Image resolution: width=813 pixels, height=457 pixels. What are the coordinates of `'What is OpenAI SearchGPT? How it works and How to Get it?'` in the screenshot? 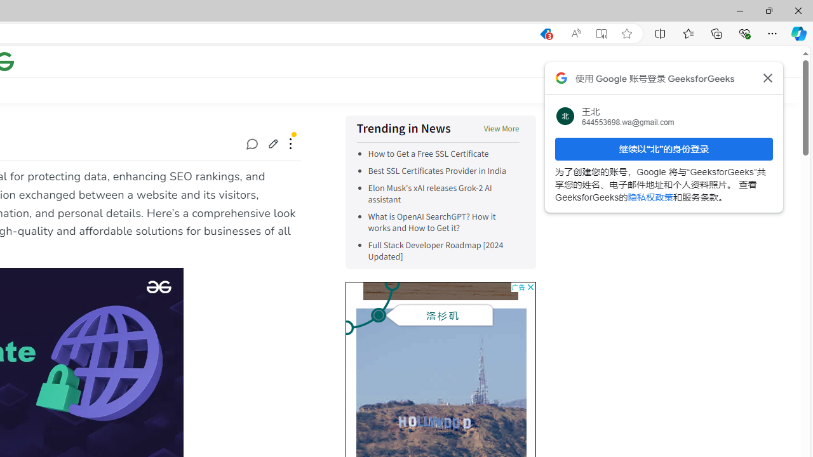 It's located at (443, 222).